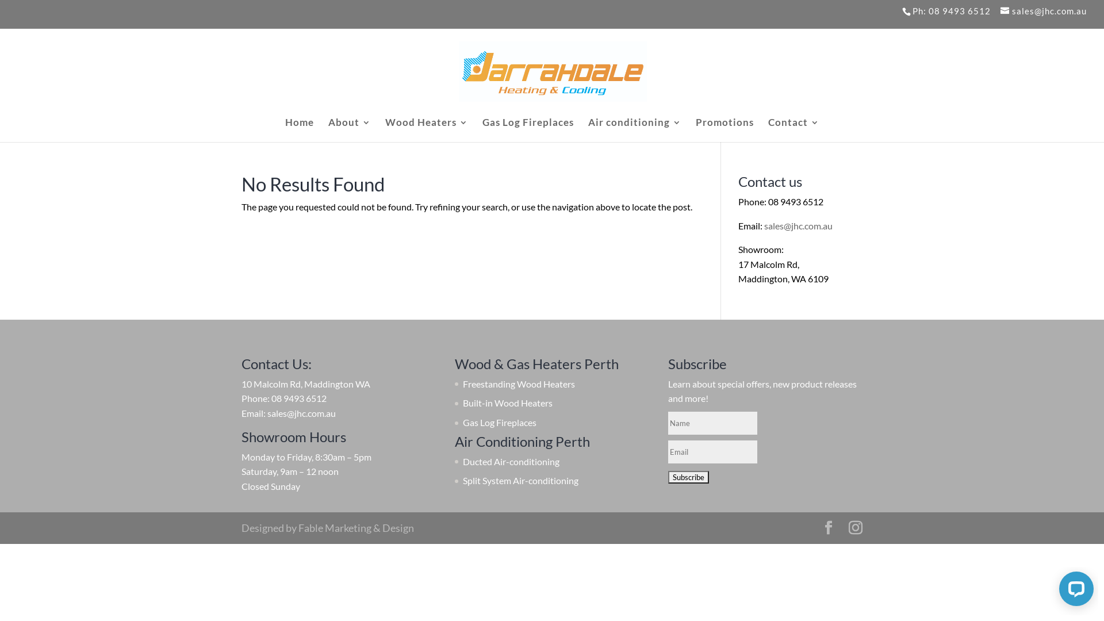 The image size is (1104, 621). What do you see at coordinates (348, 129) in the screenshot?
I see `'About'` at bounding box center [348, 129].